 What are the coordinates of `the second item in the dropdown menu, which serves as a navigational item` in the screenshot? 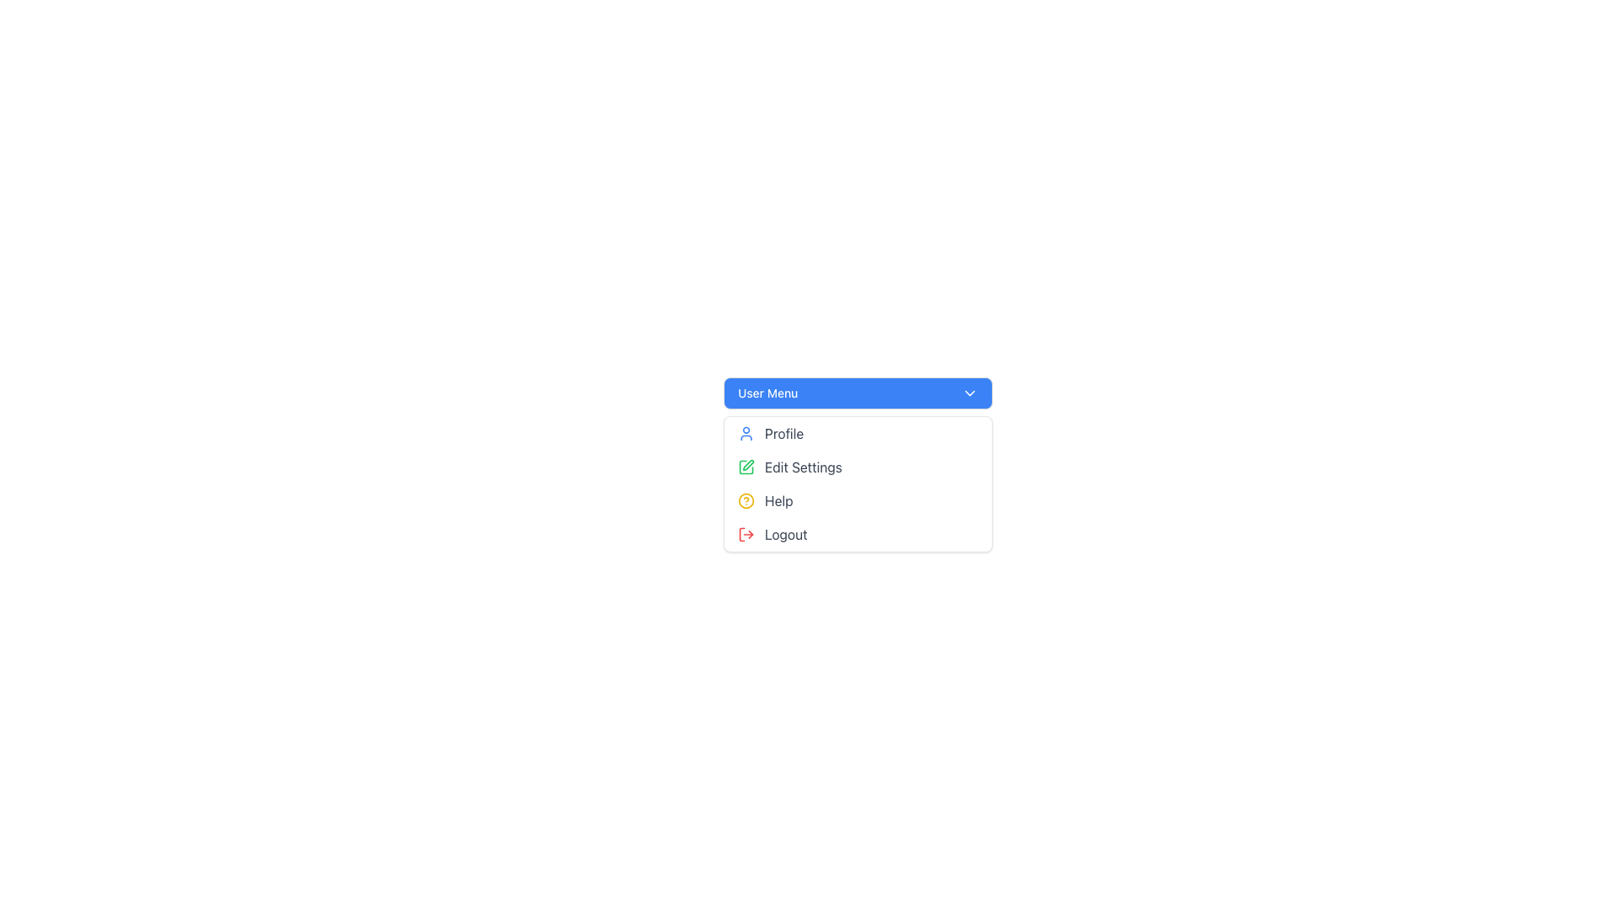 It's located at (858, 467).